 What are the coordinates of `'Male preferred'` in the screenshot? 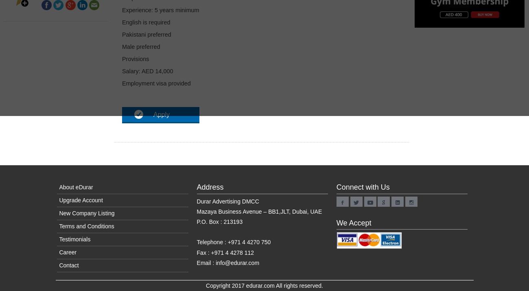 It's located at (140, 46).